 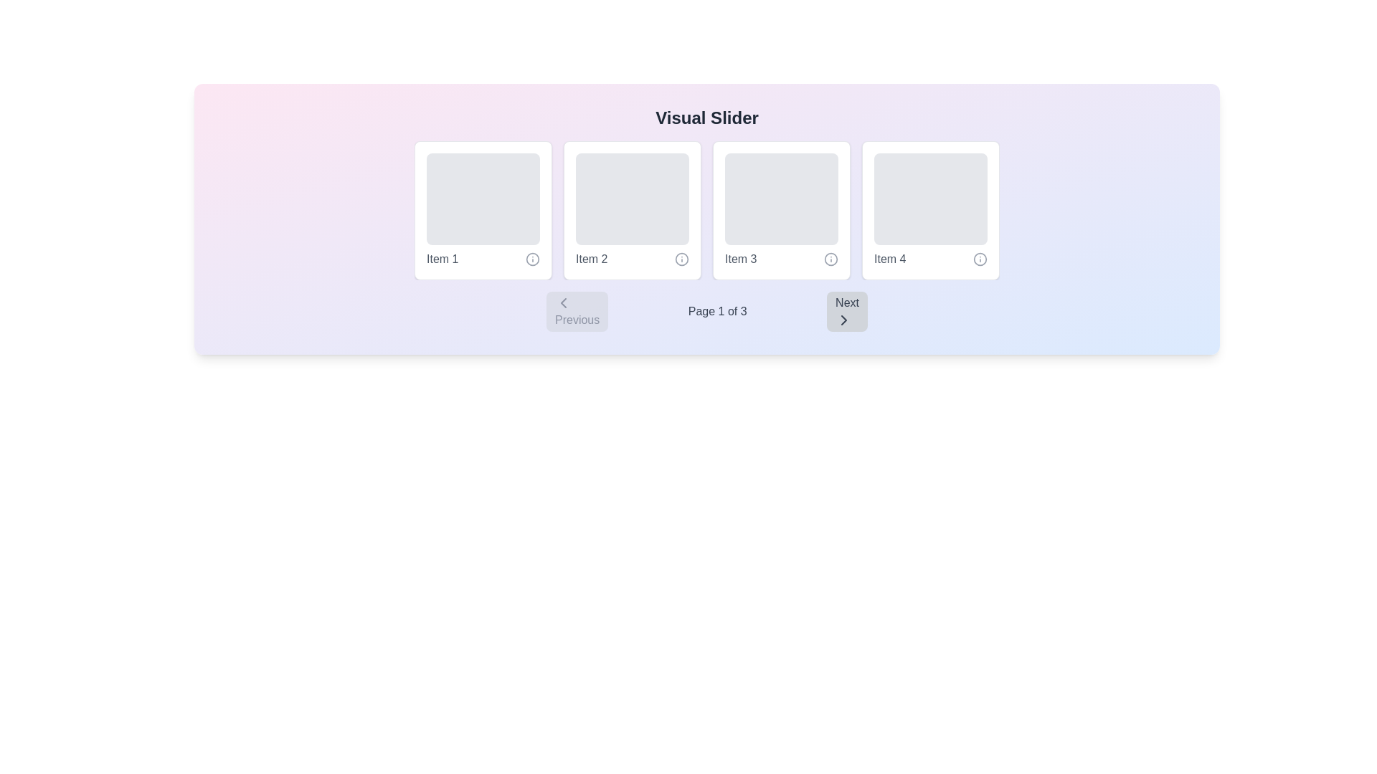 I want to click on the icon graphic in the bottom-right corner of the information card labeled 'Item 2', so click(x=681, y=259).